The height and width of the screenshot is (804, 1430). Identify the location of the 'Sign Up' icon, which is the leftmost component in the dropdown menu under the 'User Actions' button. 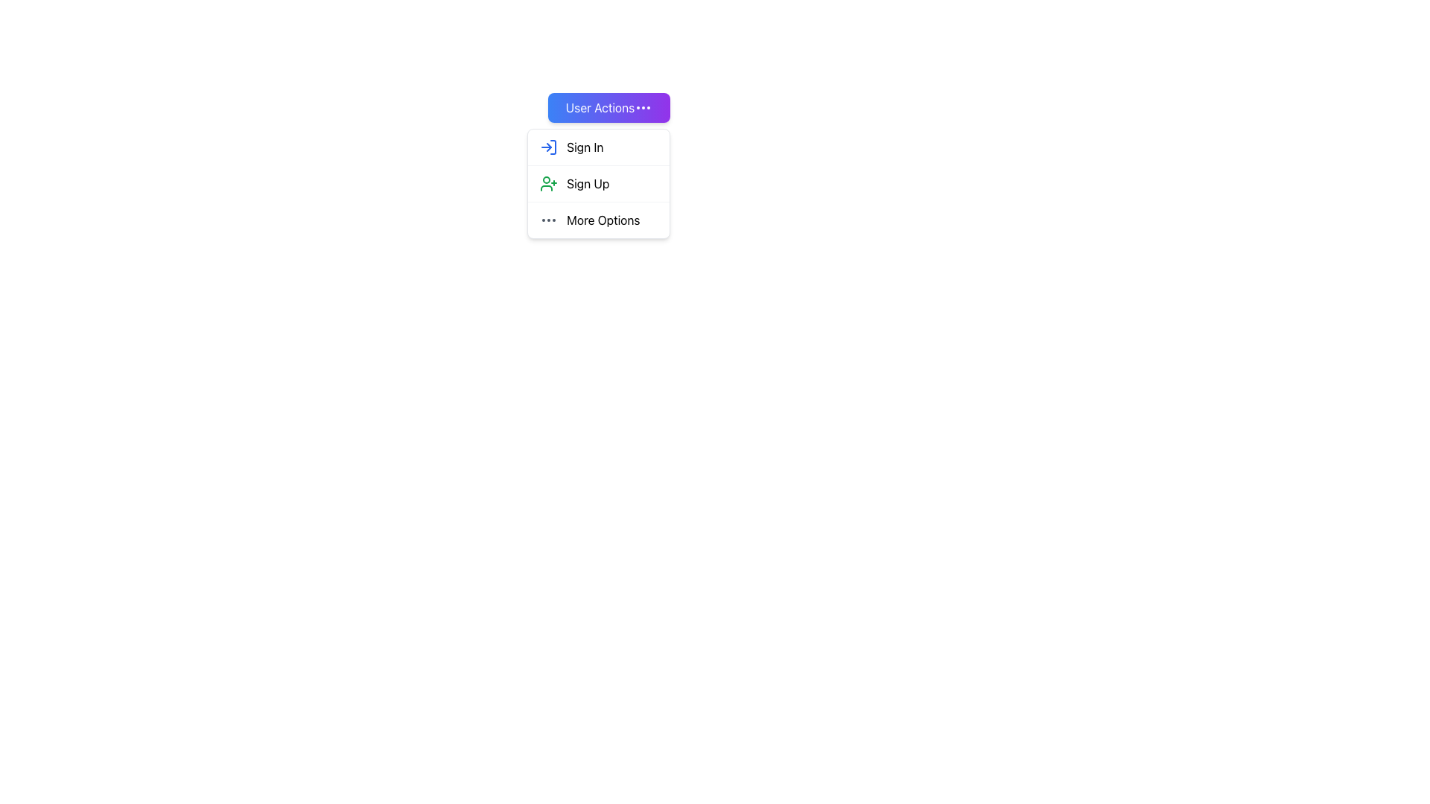
(548, 182).